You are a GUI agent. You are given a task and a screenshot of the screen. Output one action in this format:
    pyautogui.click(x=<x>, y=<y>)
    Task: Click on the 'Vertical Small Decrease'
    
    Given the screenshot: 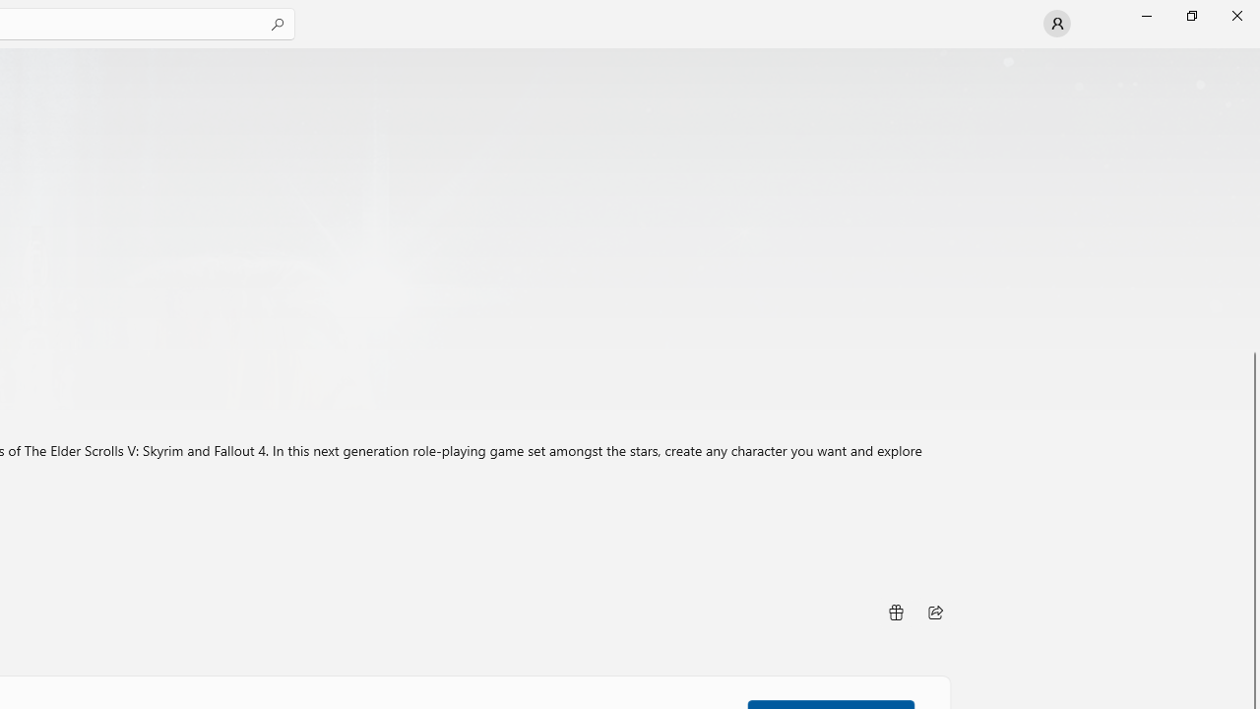 What is the action you would take?
    pyautogui.click(x=1251, y=53)
    